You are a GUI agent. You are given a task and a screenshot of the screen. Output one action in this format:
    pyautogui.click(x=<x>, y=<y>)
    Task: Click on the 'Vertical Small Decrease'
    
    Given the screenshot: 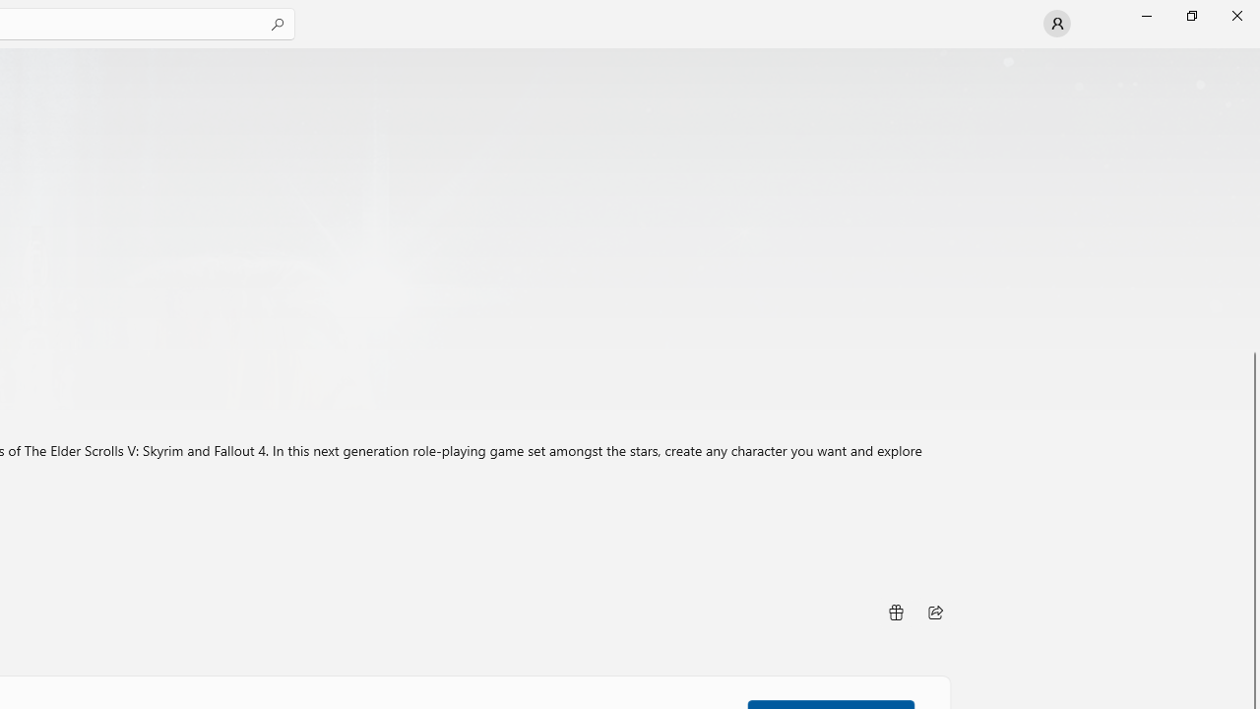 What is the action you would take?
    pyautogui.click(x=1251, y=53)
    